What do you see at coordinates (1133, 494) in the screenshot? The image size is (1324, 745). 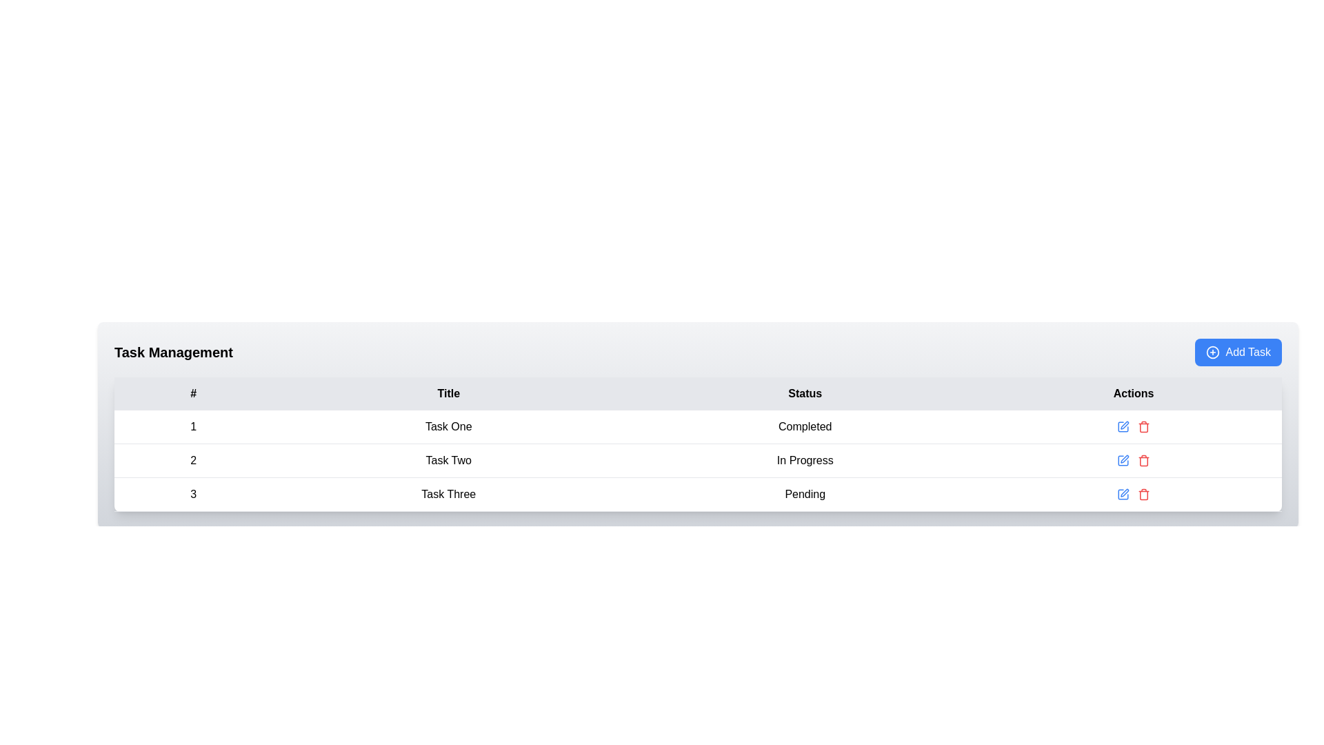 I see `the action control group icon located in the 'Actions' column of the third row of the task management table to initiate an action` at bounding box center [1133, 494].